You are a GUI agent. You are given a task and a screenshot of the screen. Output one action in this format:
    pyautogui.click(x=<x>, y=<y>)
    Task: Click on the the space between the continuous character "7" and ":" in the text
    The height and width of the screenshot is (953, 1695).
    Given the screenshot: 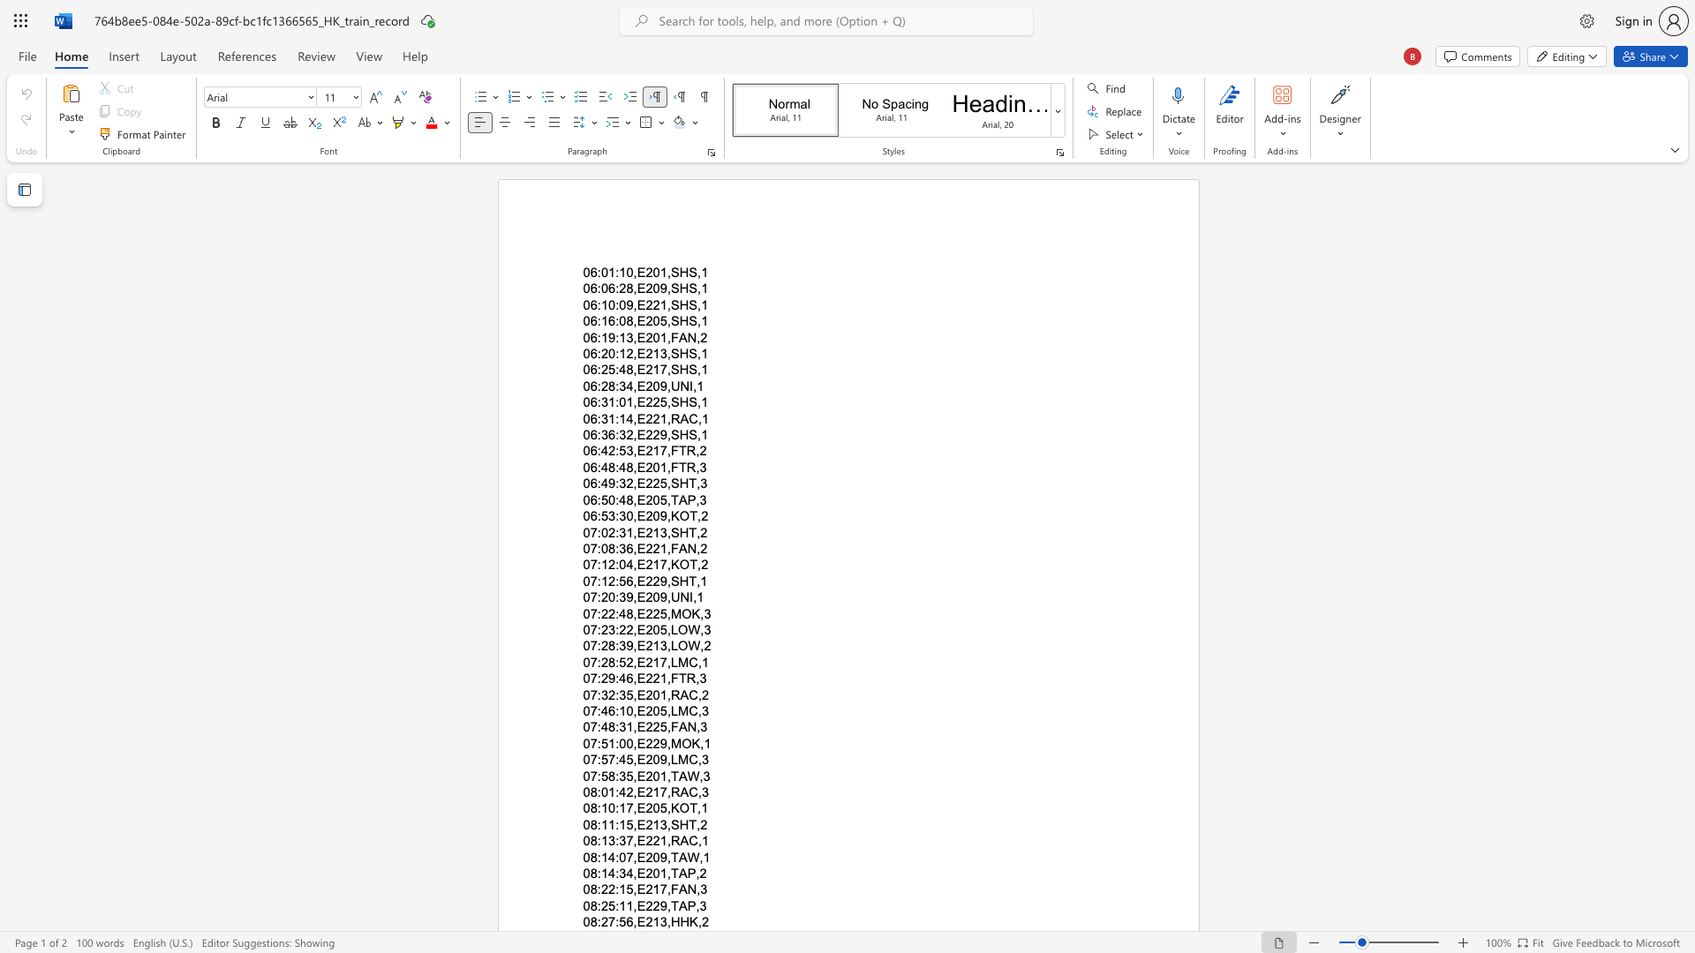 What is the action you would take?
    pyautogui.click(x=596, y=678)
    